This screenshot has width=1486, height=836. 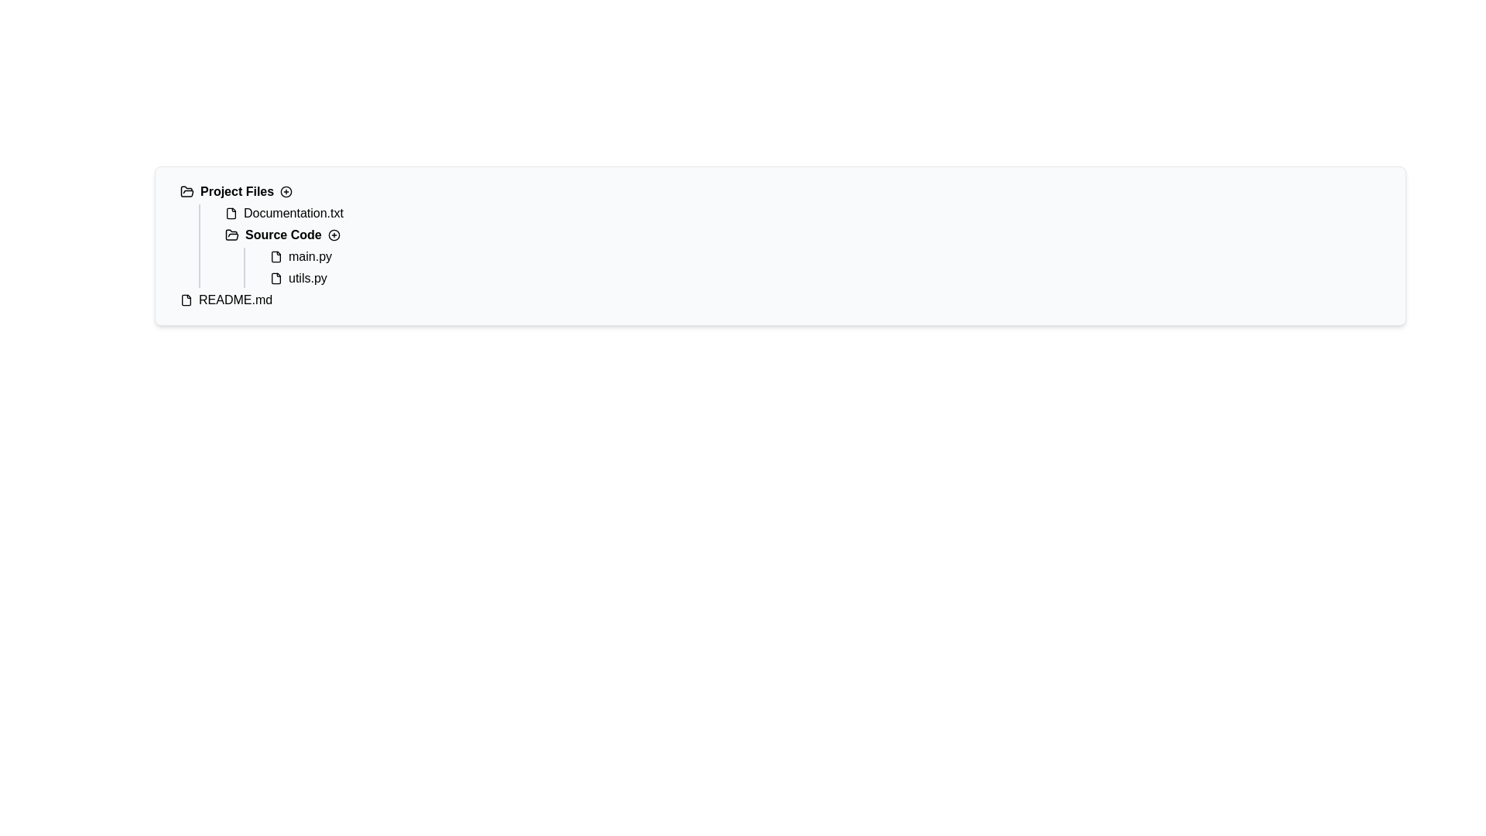 What do you see at coordinates (286, 190) in the screenshot?
I see `the circular button with a plus icon located to the far right of the 'Project Files' header section` at bounding box center [286, 190].